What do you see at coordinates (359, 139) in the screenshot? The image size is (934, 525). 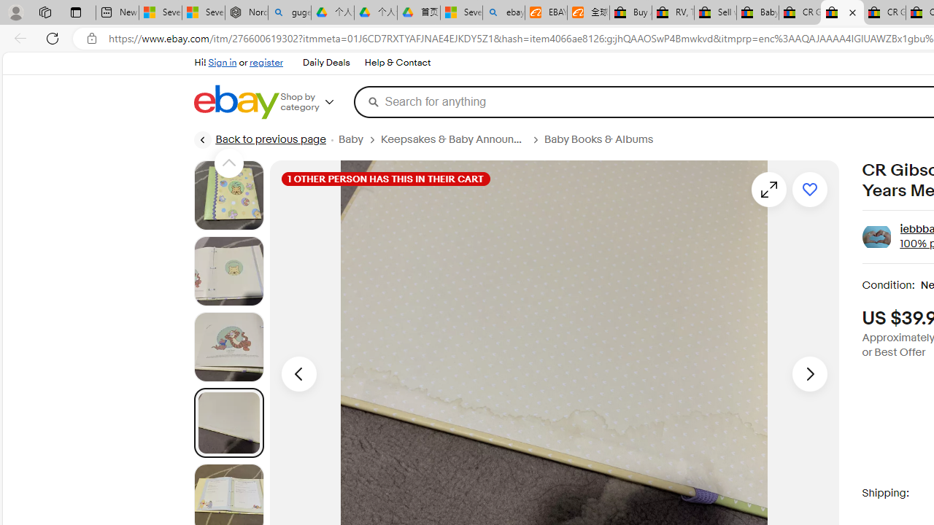 I see `'Baby'` at bounding box center [359, 139].